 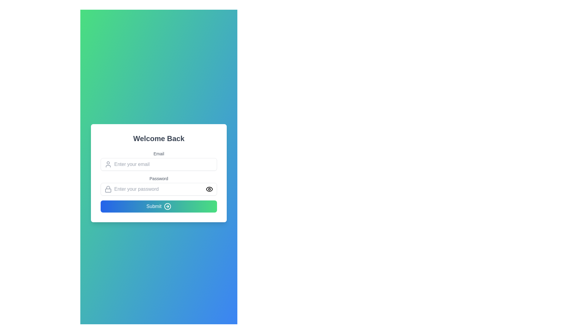 I want to click on the Text Header that prominently displays 'Welcome Back' in large, bold, dark gray font, located at the top of the login form interface, so click(x=159, y=139).